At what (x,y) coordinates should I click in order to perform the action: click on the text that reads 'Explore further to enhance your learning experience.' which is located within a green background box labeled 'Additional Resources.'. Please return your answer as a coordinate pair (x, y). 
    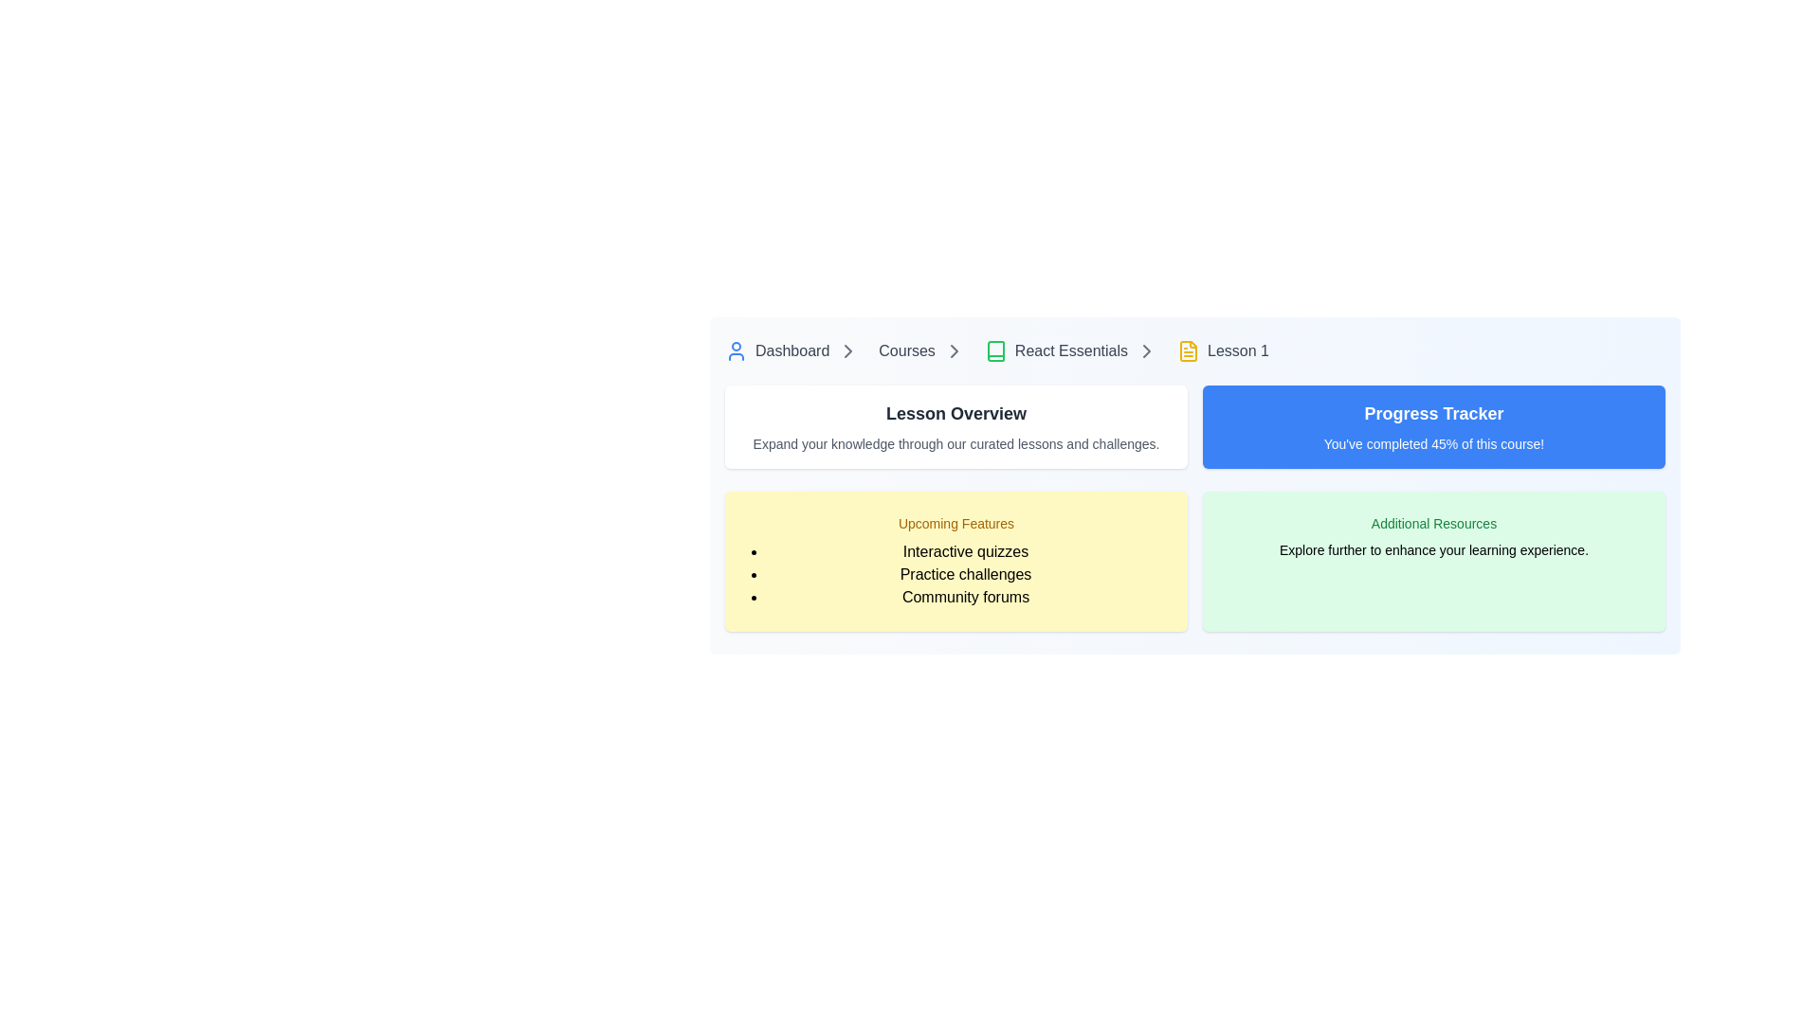
    Looking at the image, I should click on (1433, 550).